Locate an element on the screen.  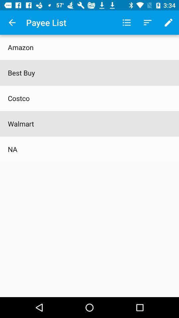
item to the left of payee list app is located at coordinates (12, 23).